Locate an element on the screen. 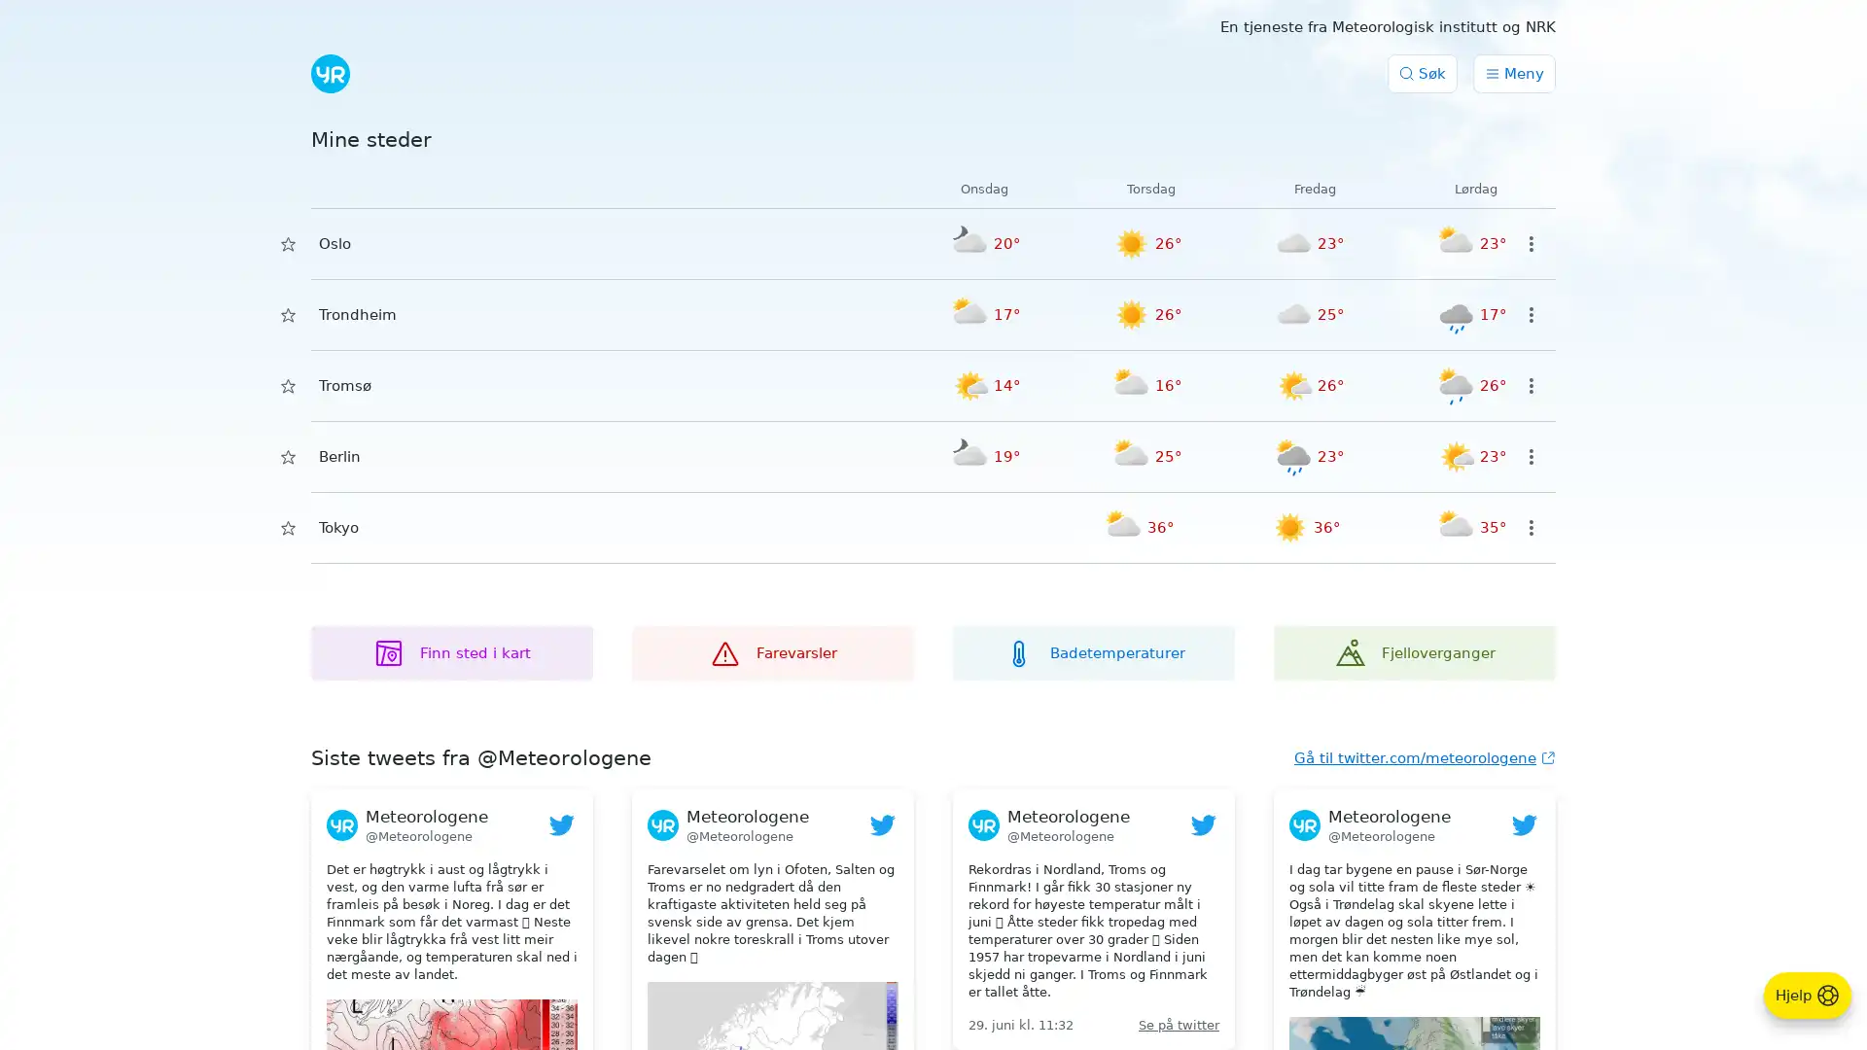 The image size is (1867, 1050). Lagre i Mine steder is located at coordinates (287, 457).